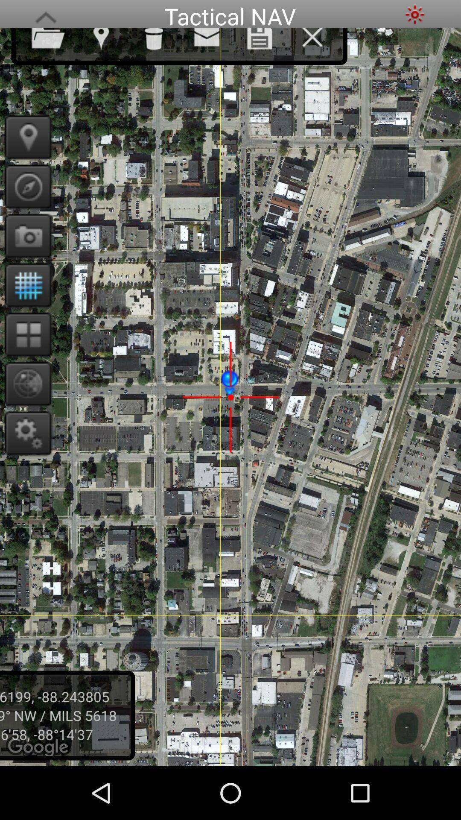  Describe the element at coordinates (25, 433) in the screenshot. I see `open settings` at that location.